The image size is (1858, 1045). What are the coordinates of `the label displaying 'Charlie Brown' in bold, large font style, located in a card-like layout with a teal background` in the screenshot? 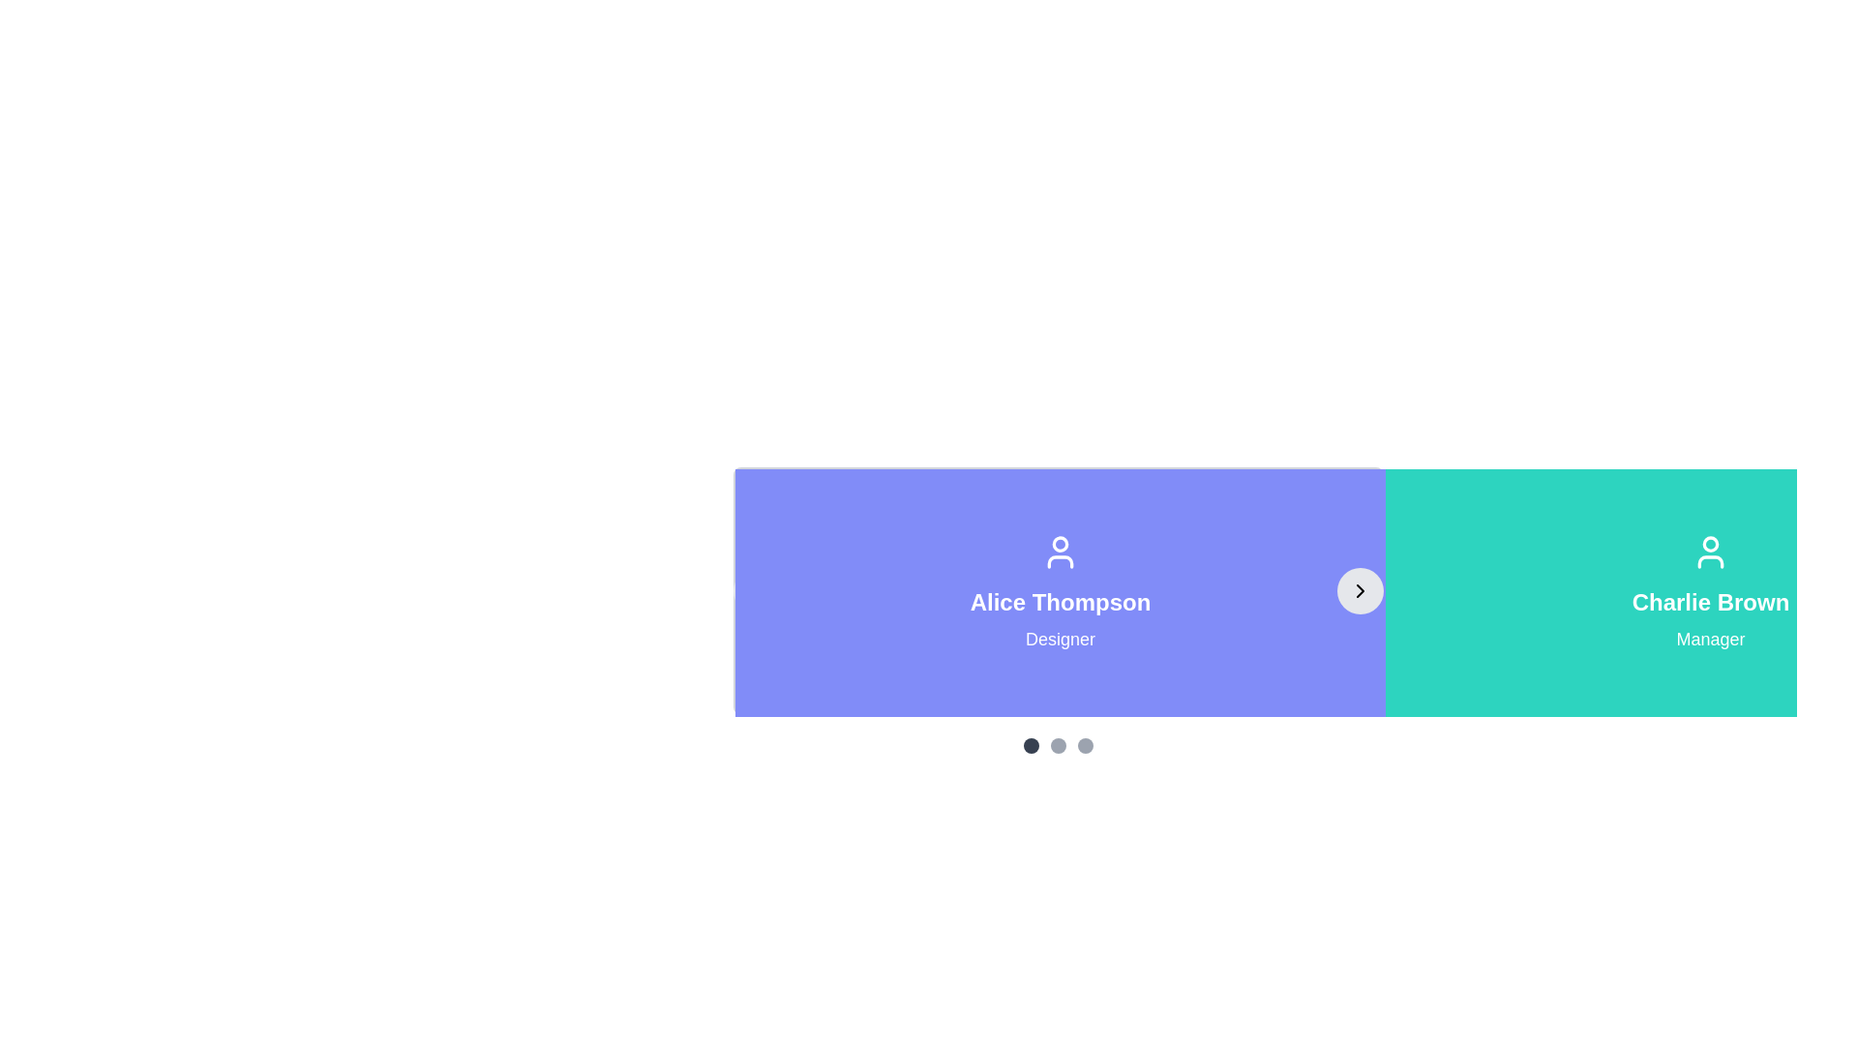 It's located at (1710, 602).